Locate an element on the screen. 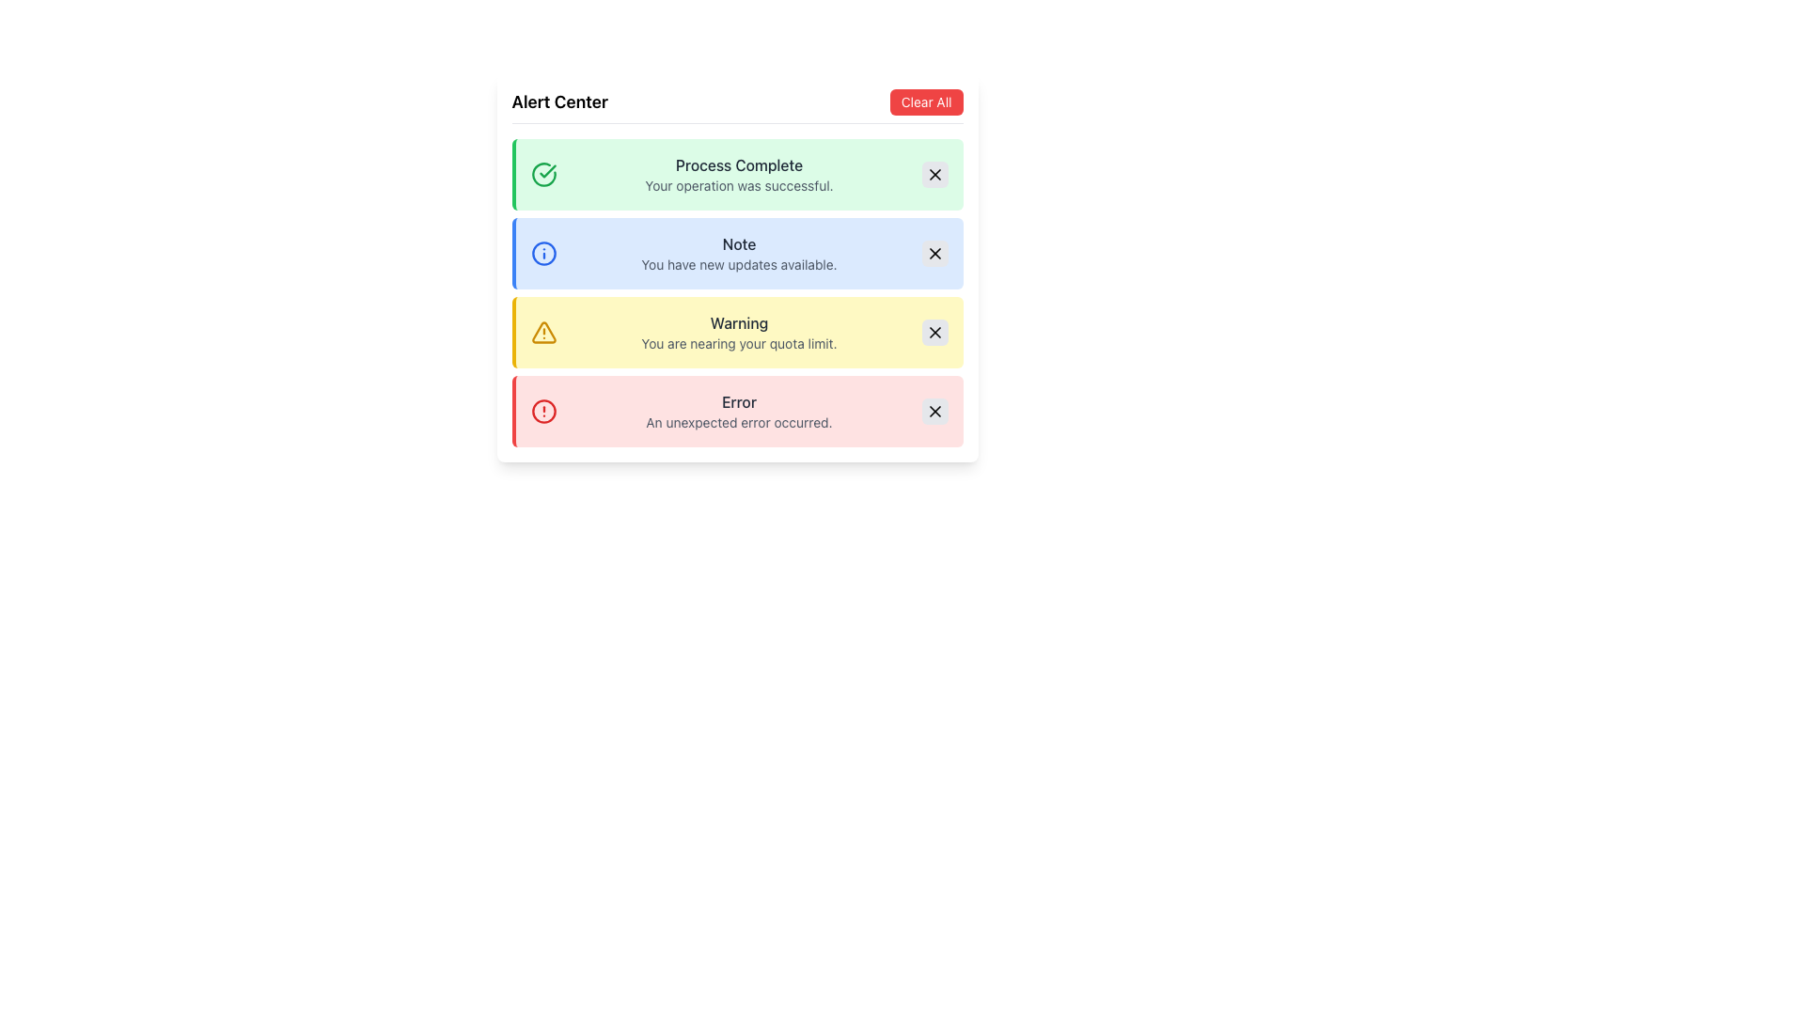 The width and height of the screenshot is (1805, 1015). the red circular SVG element representing an error icon located in the 'Error' alert row, positioned to the far left is located at coordinates (542, 411).